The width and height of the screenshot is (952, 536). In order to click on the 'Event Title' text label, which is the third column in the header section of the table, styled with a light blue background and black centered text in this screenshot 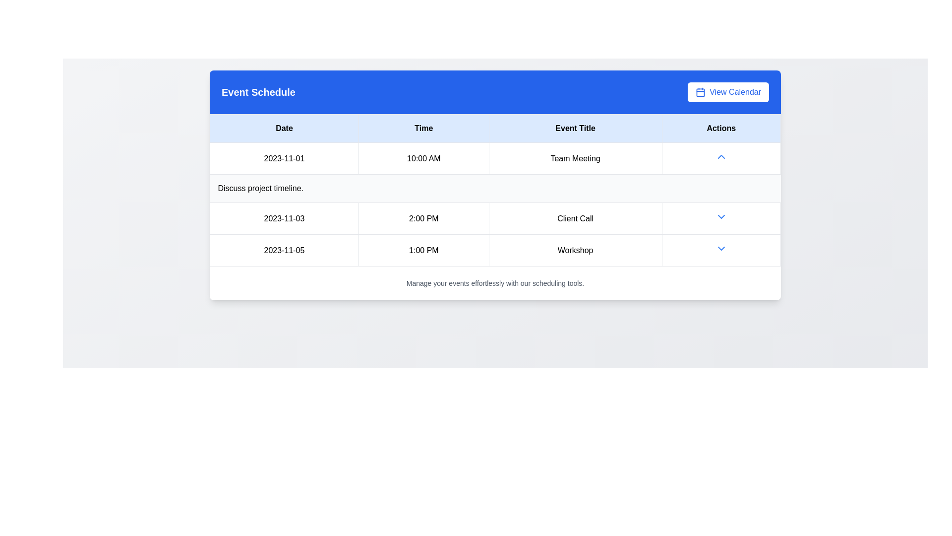, I will do `click(575, 128)`.